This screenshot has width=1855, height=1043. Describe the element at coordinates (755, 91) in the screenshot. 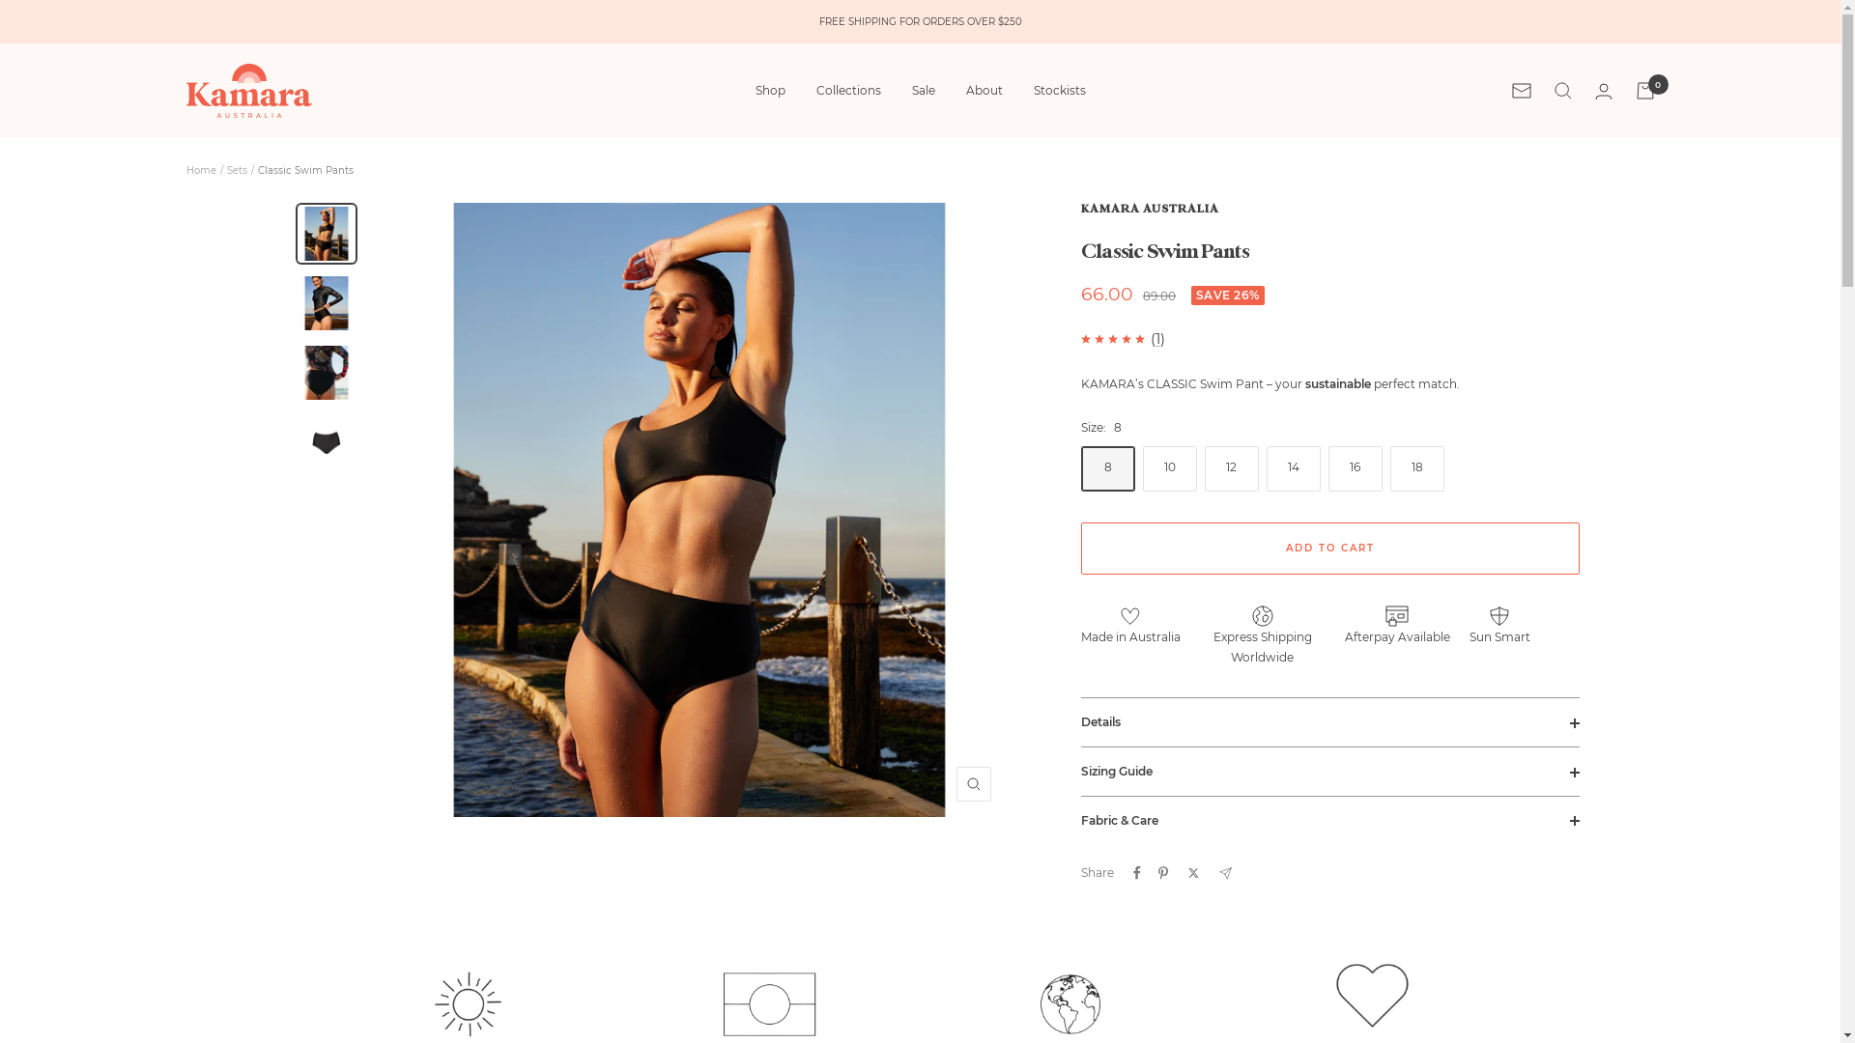

I see `'Shop'` at that location.